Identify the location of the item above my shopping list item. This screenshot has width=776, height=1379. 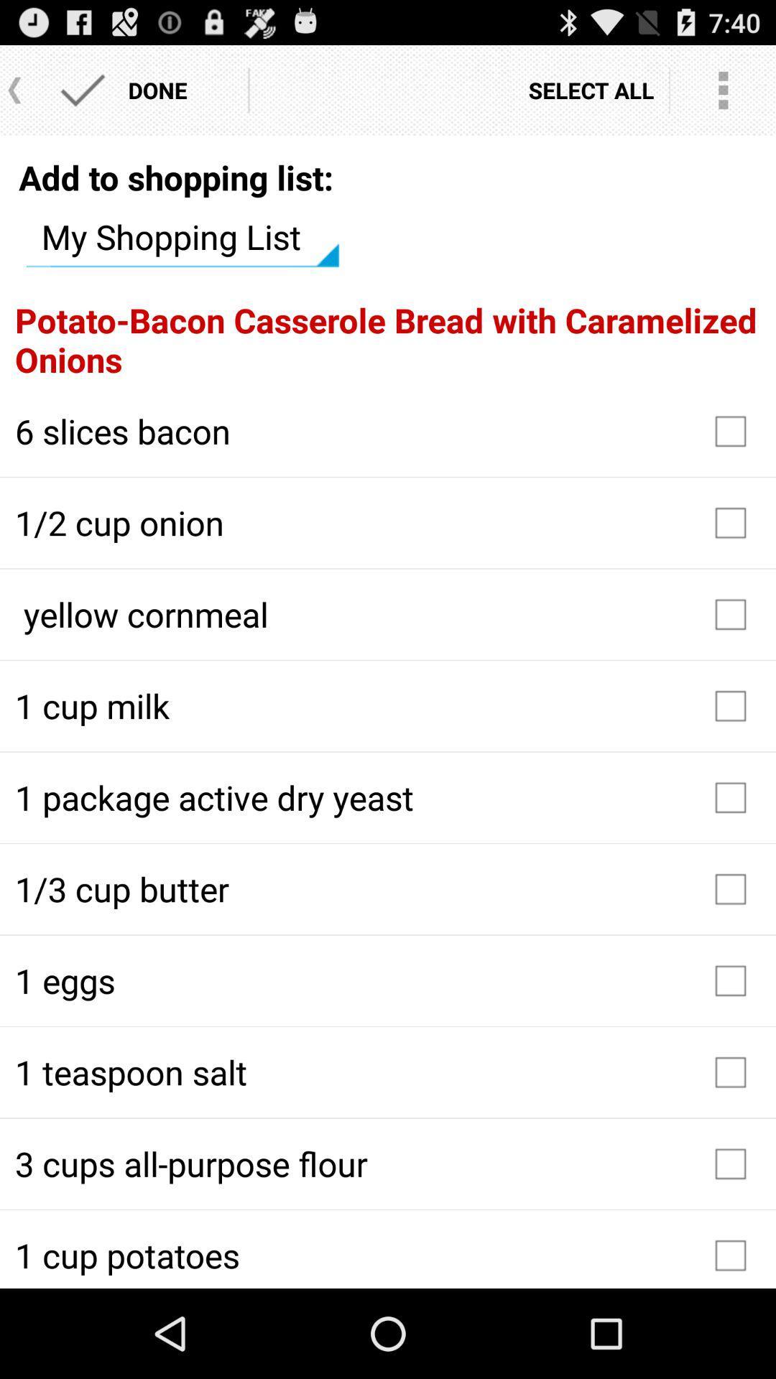
(175, 177).